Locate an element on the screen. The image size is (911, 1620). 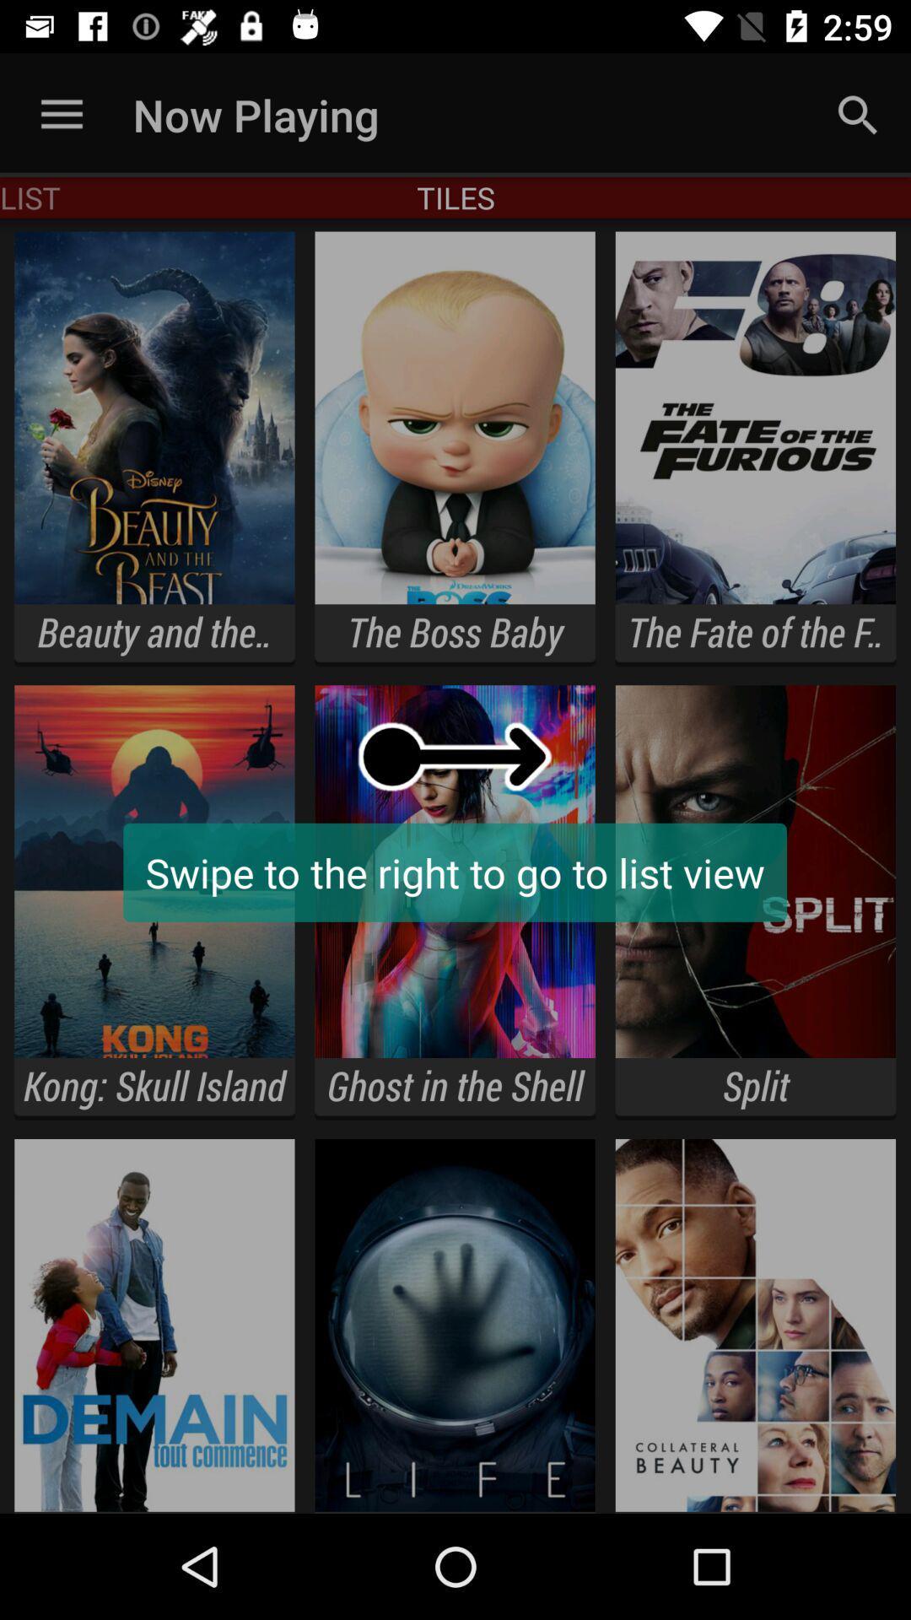
the item to the left of now playing is located at coordinates (61, 114).